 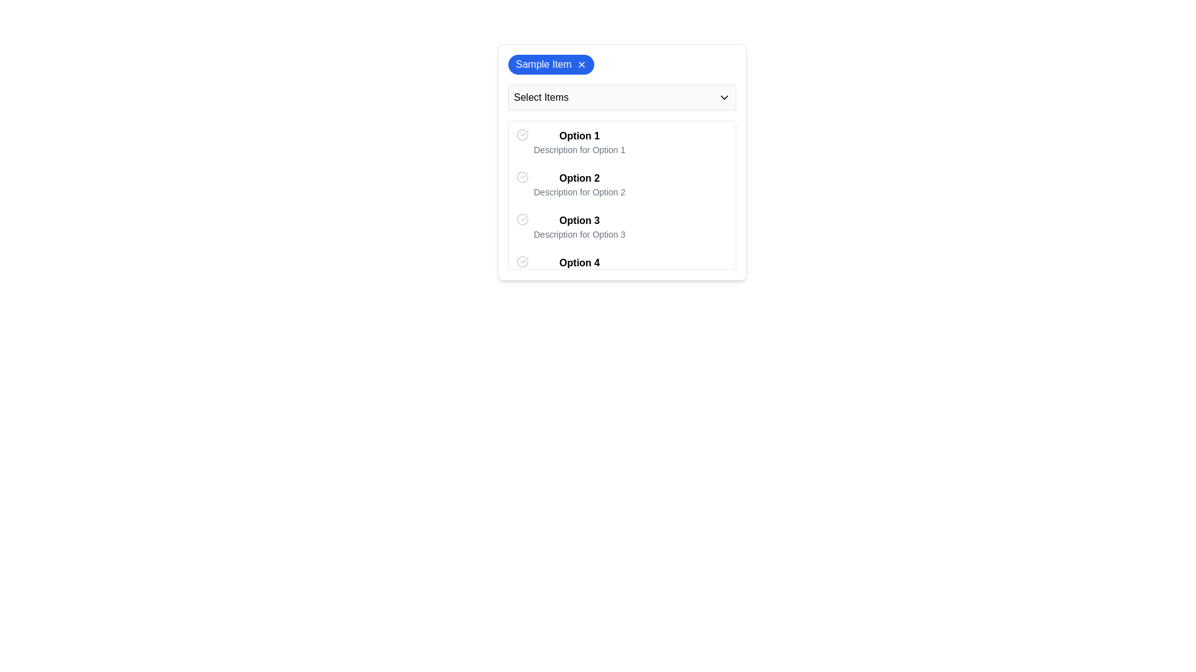 I want to click on the circular checkmark icon within the 'Option 4' dropdown, which is styled in gray and has a transparent background, so click(x=523, y=261).